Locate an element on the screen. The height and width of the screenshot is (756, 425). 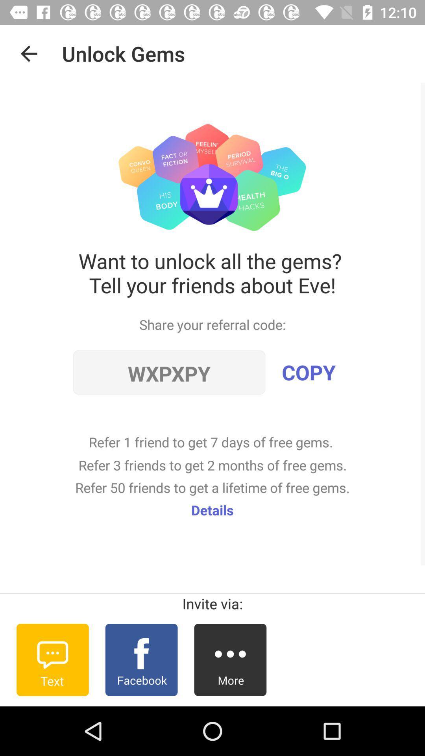
text link is located at coordinates (52, 660).